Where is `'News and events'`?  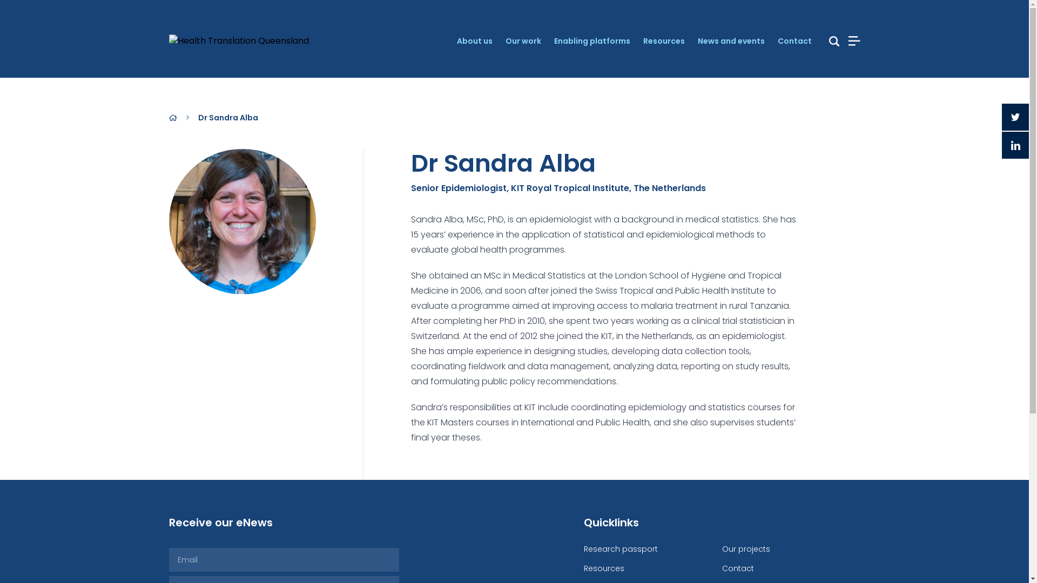 'News and events' is located at coordinates (731, 40).